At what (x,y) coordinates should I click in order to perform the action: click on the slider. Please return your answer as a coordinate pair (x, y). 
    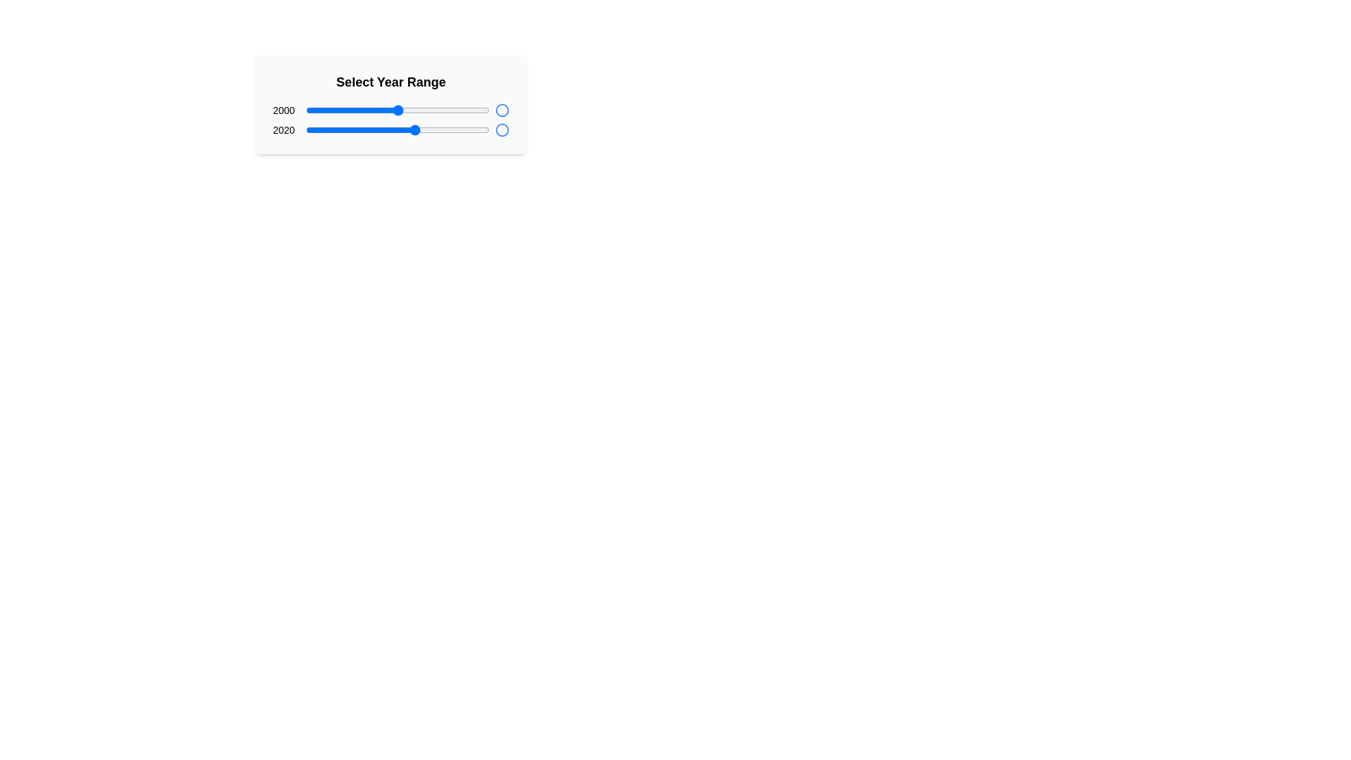
    Looking at the image, I should click on (316, 110).